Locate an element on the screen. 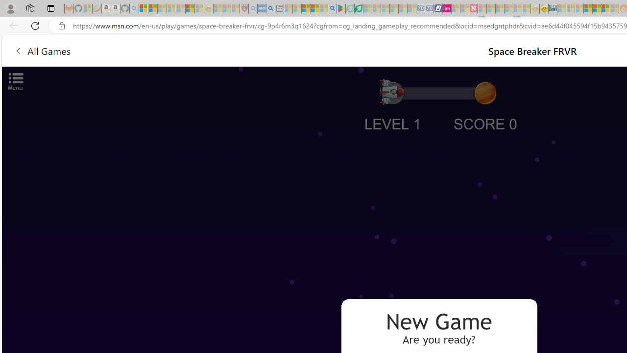 The width and height of the screenshot is (627, 353). 'Jobs - lastminute.com Investor Portal' is located at coordinates (446, 8).